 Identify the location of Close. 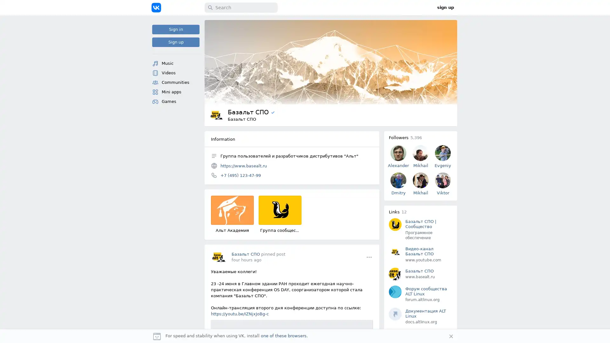
(451, 336).